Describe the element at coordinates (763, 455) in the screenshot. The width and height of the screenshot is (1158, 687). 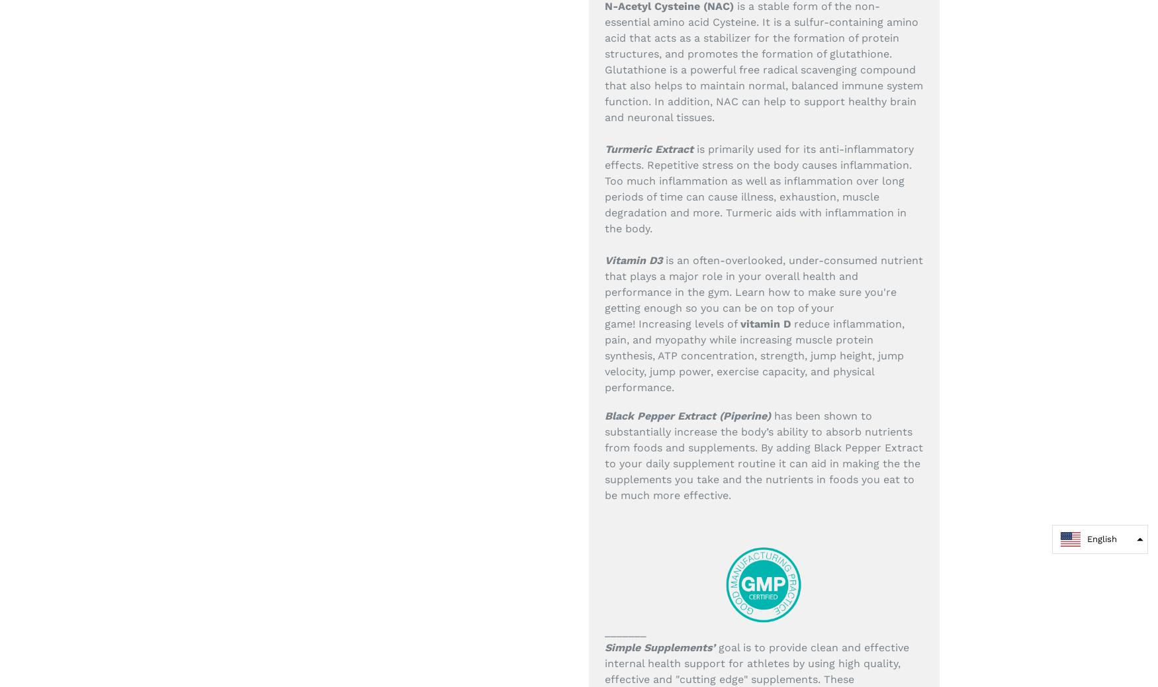
I see `'has been shown to substantially increase the body’s ability to absorb nutrients from foods and supplements. By adding Black Pepper Extract to your daily supplement routine it can aid in making the the supplements you take and the nutrients in foods you eat to be much more effective.'` at that location.